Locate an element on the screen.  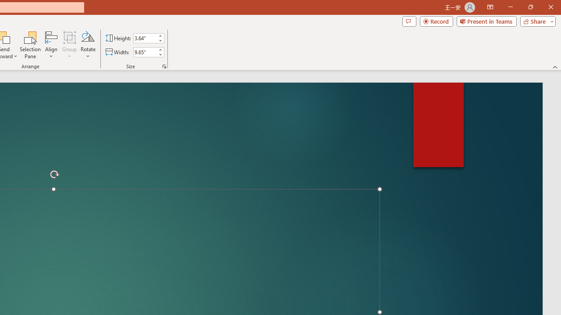
'Ribbon Display Options' is located at coordinates (490, 7).